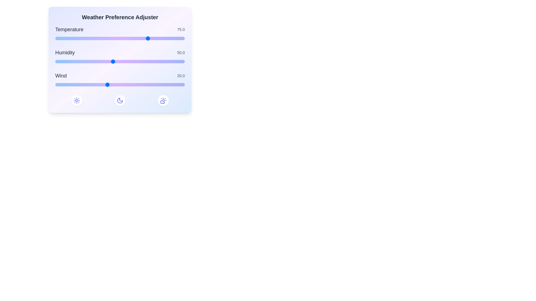 This screenshot has height=301, width=536. I want to click on wind preference, so click(117, 85).